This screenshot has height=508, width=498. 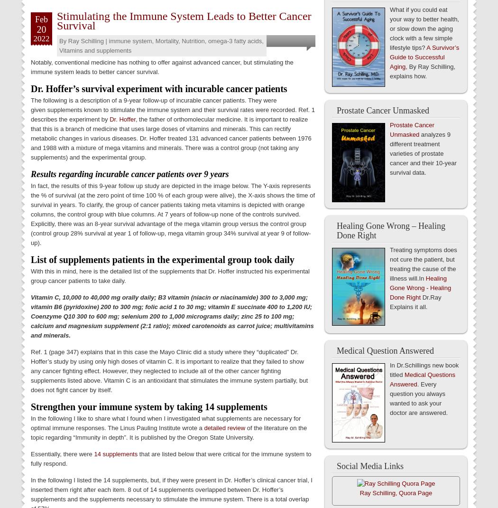 I want to click on 'detailed review', so click(x=224, y=427).